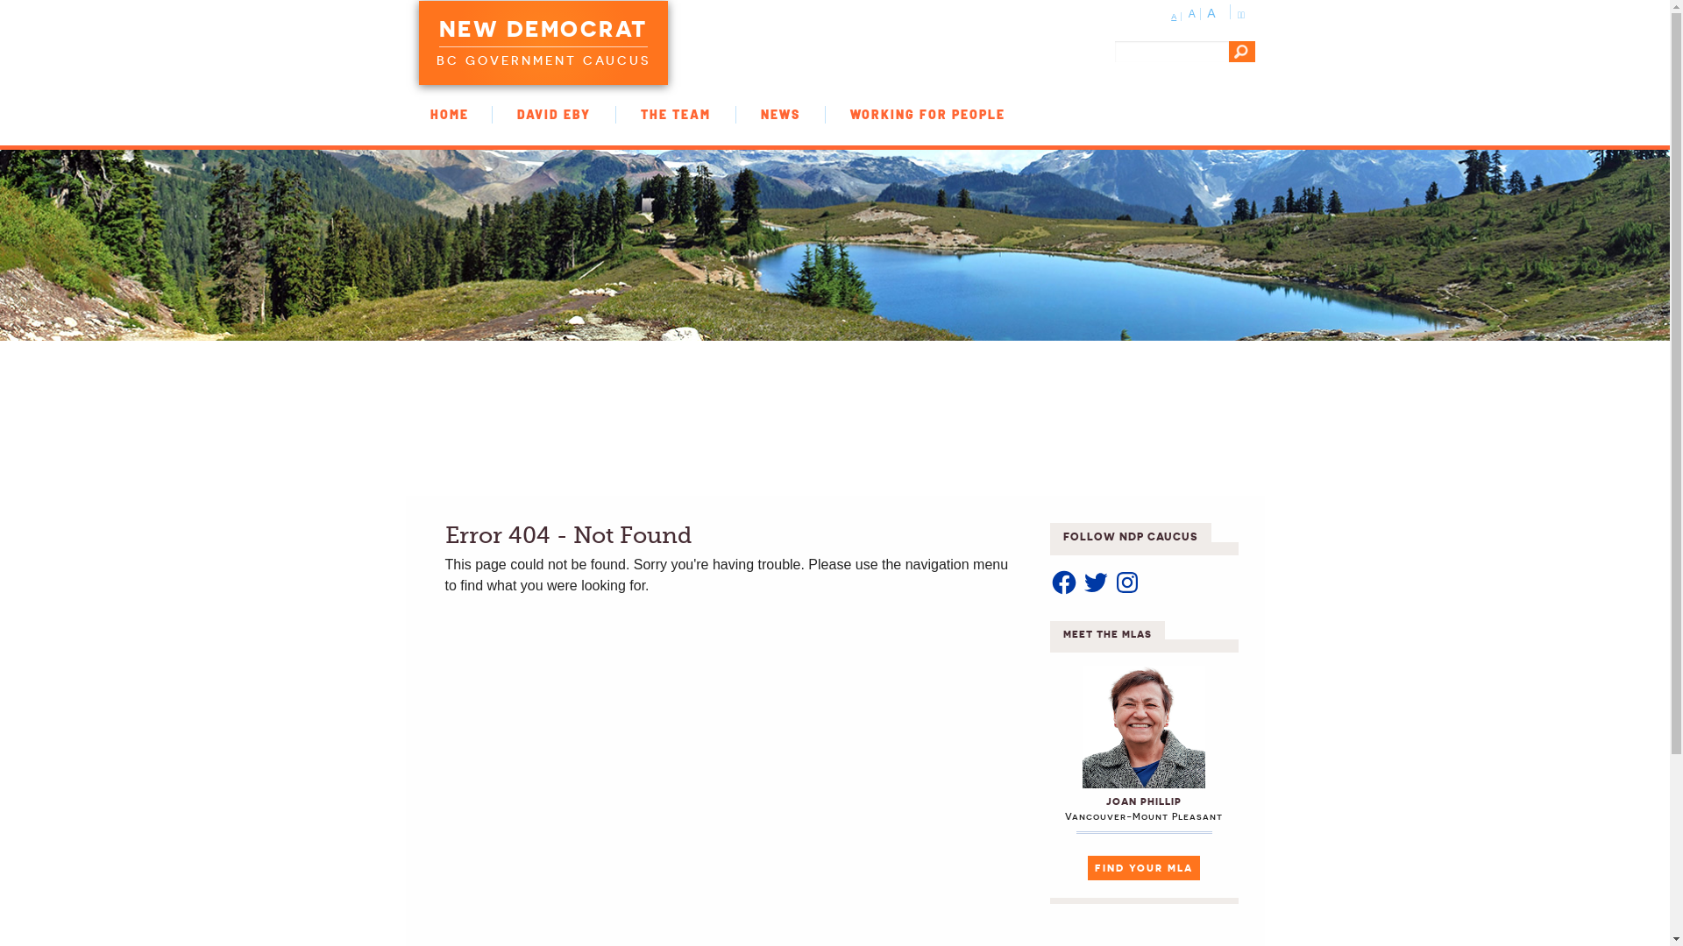 The height and width of the screenshot is (946, 1683). Describe the element at coordinates (927, 115) in the screenshot. I see `'WORKING FOR PEOPLE'` at that location.